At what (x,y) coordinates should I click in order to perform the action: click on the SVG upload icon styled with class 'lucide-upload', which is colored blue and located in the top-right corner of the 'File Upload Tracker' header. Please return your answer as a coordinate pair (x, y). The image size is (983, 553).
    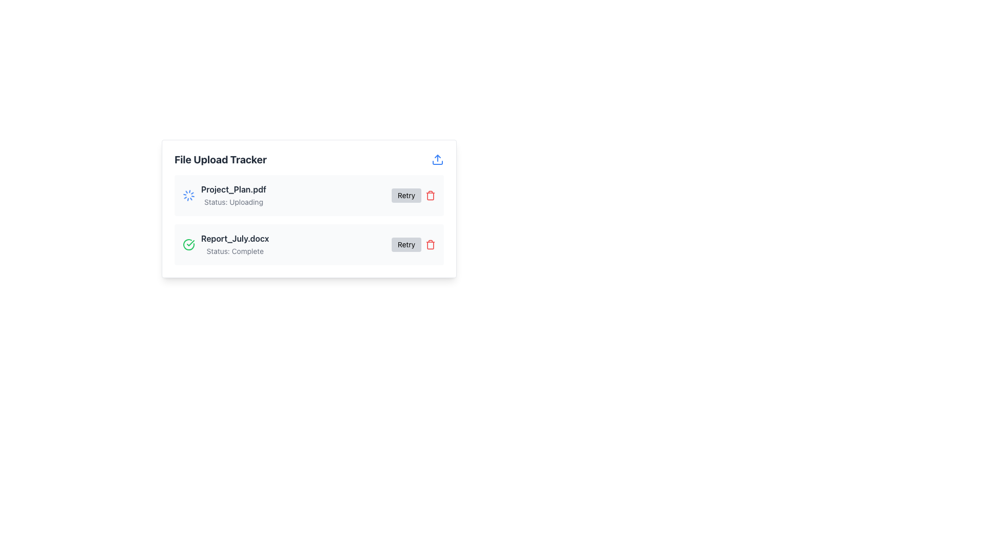
    Looking at the image, I should click on (437, 160).